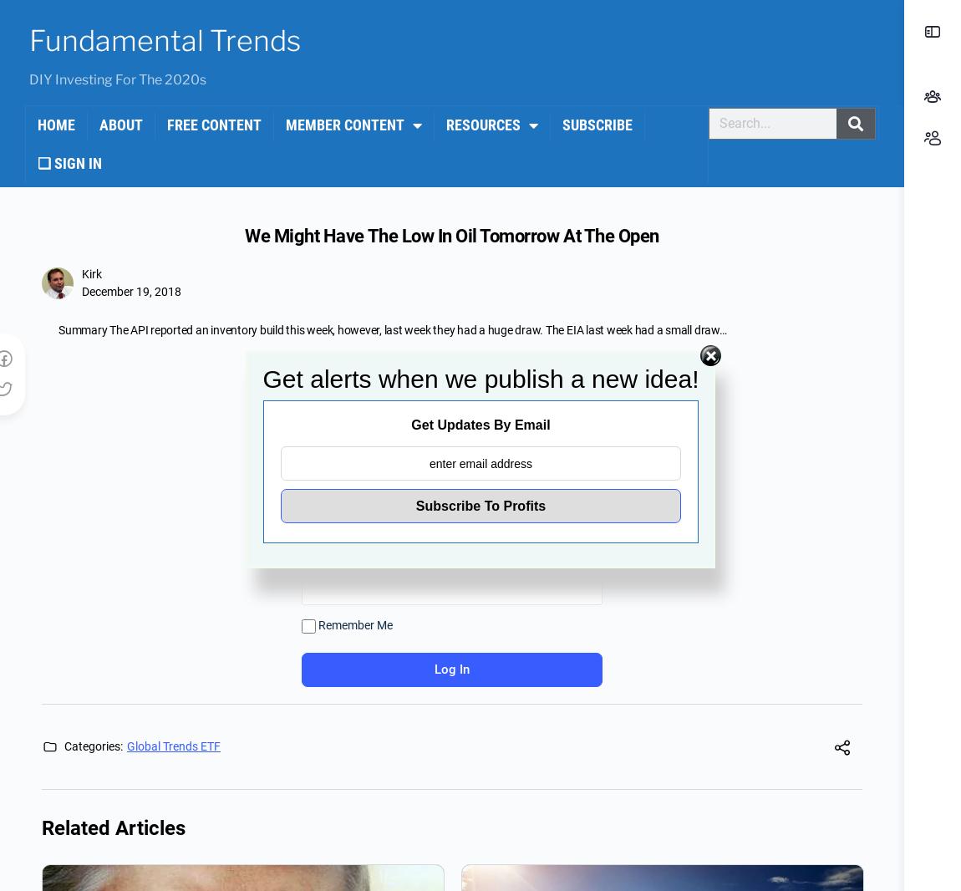 The height and width of the screenshot is (891, 961). Describe the element at coordinates (480, 379) in the screenshot. I see `'Get alerts when we publish a new idea!'` at that location.